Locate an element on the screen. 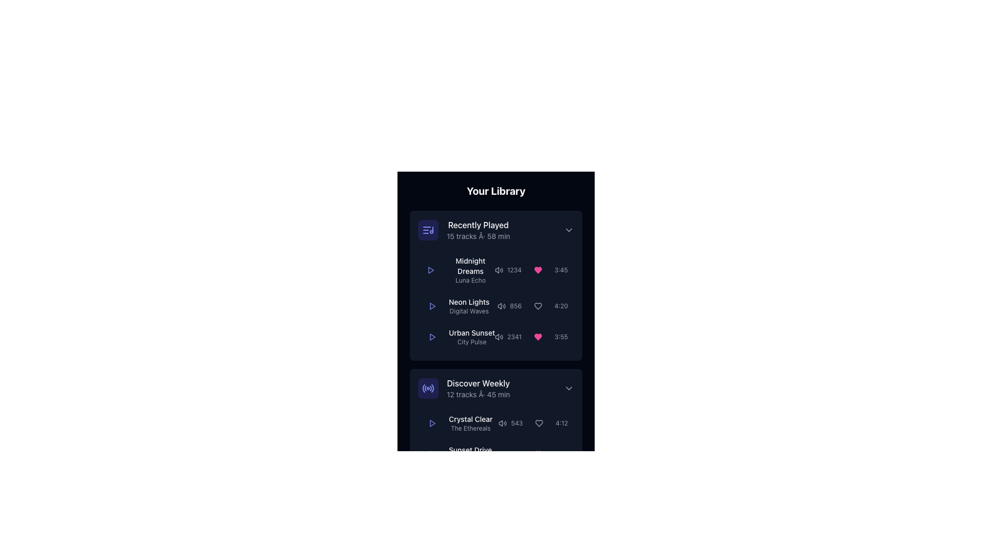 This screenshot has height=555, width=986. the heart icon used to mark the track 'Neon Lights' as a favorite in the 'Recently Played' list is located at coordinates (537, 306).